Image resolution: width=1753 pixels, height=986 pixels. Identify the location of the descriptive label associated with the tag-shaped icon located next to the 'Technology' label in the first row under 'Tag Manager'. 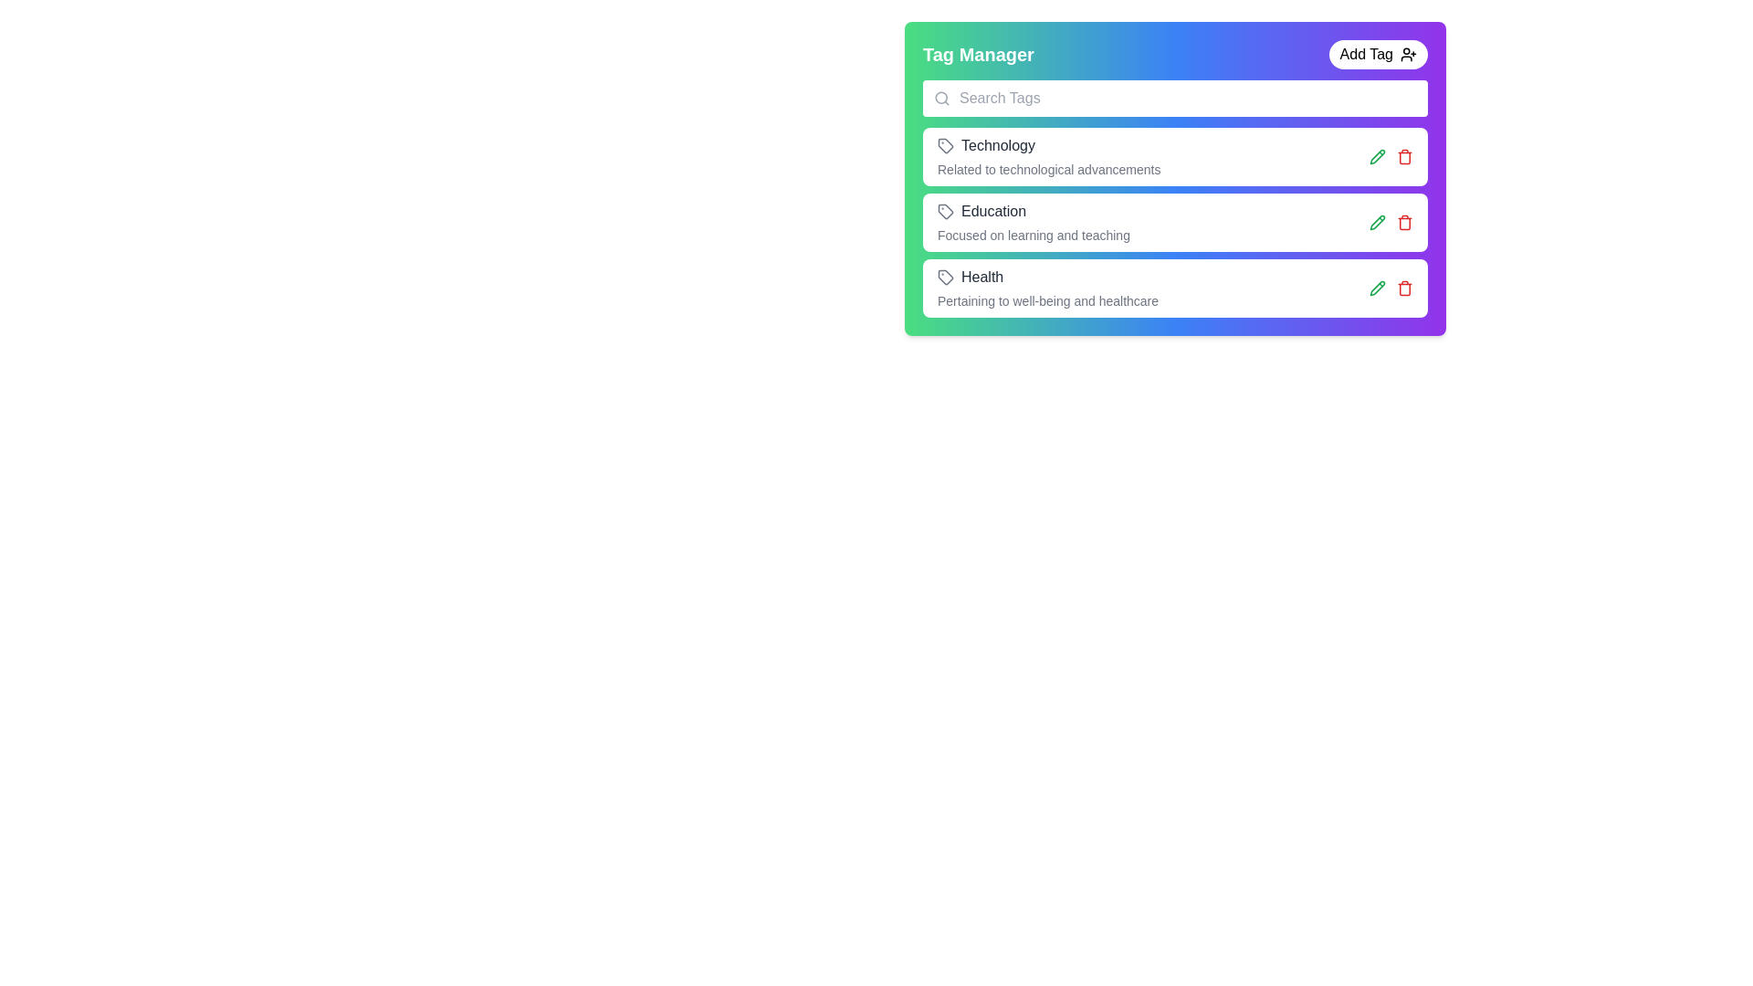
(945, 143).